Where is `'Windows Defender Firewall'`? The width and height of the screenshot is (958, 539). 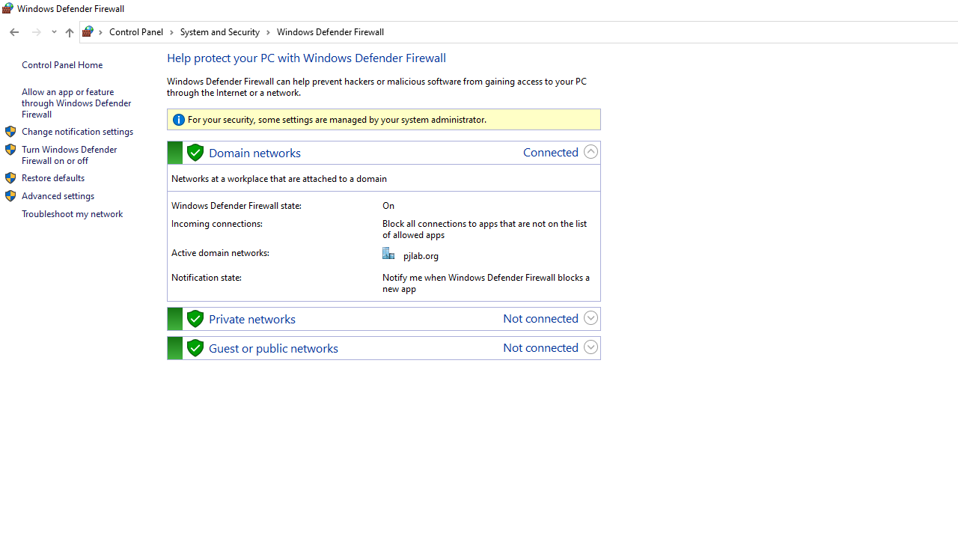
'Windows Defender Firewall' is located at coordinates (329, 31).